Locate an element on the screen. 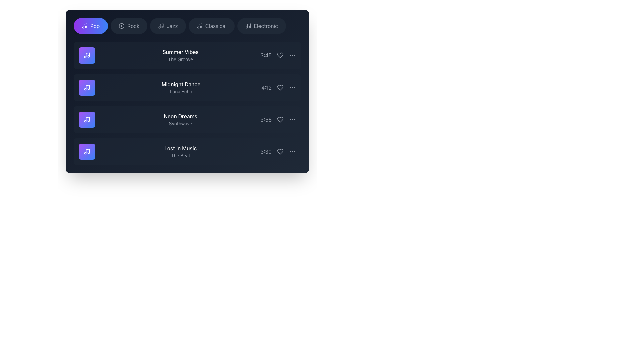 This screenshot has height=361, width=641. the jazz music icon located within the 'Jazz' button in the horizontal navigation bar, which is the third button from the left is located at coordinates (161, 25).